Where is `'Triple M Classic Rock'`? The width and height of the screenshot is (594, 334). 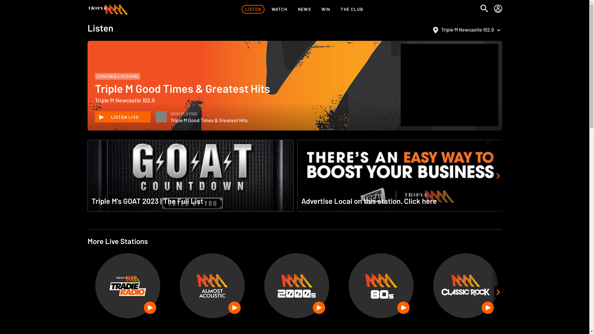 'Triple M Classic Rock' is located at coordinates (466, 286).